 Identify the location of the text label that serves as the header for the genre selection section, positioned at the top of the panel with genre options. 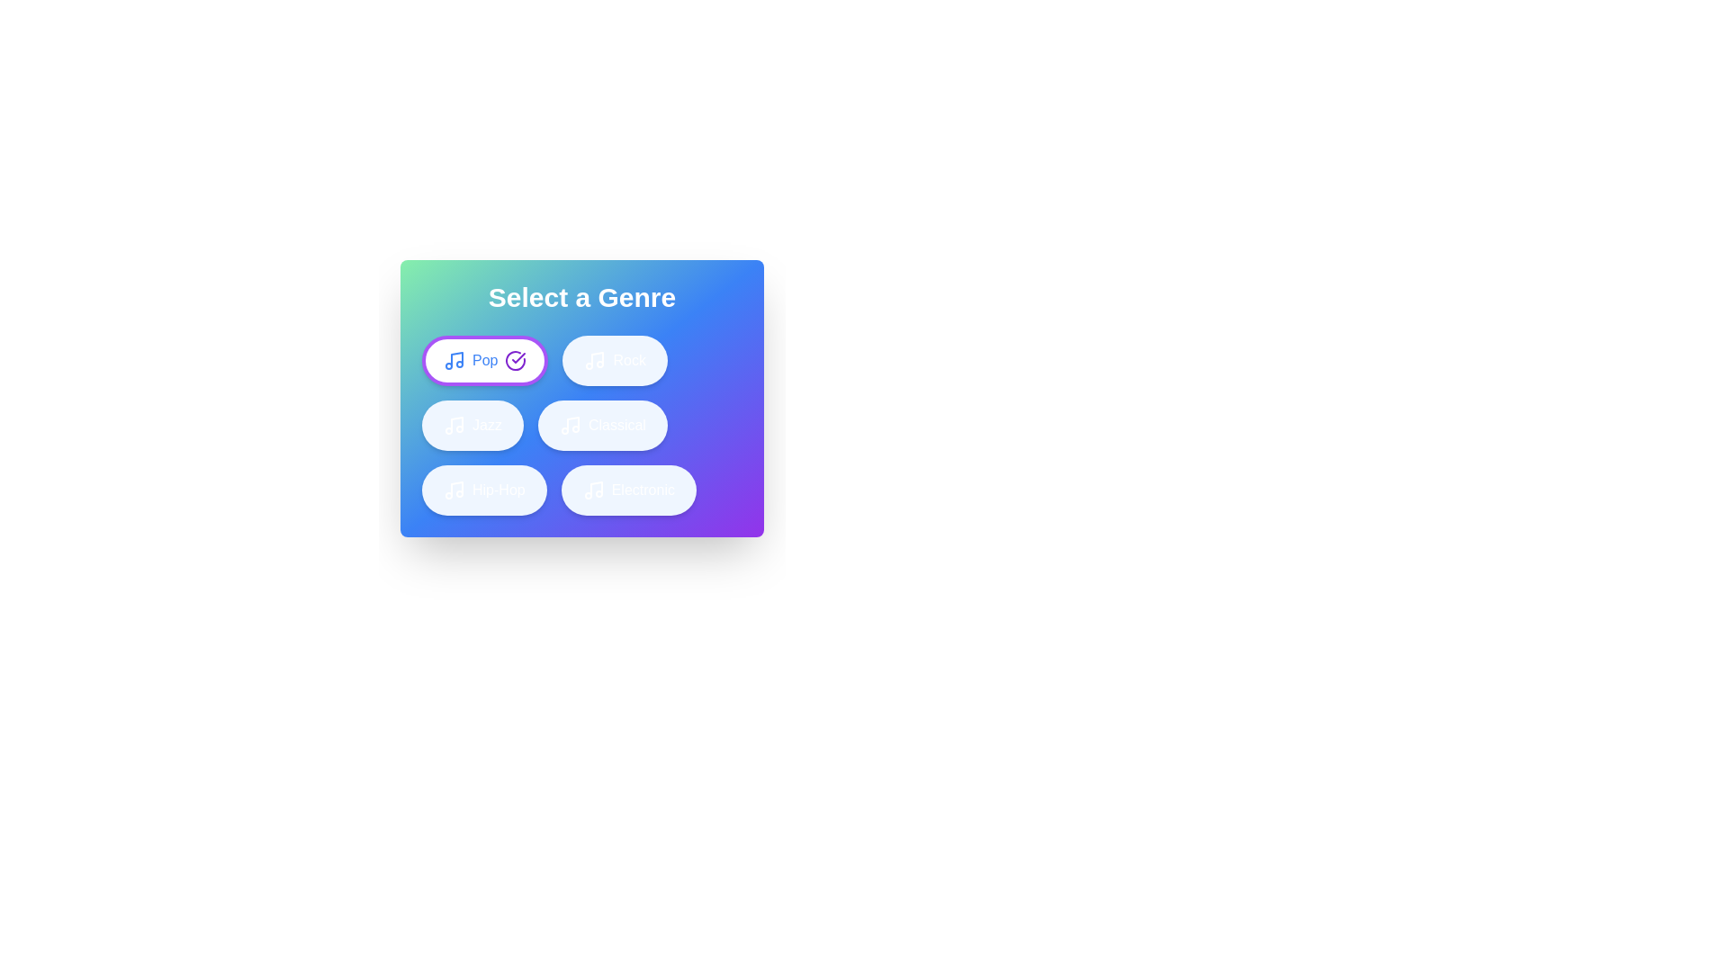
(582, 297).